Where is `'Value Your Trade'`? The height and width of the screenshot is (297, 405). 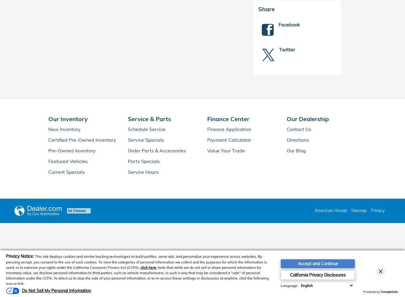
'Value Your Trade' is located at coordinates (226, 150).